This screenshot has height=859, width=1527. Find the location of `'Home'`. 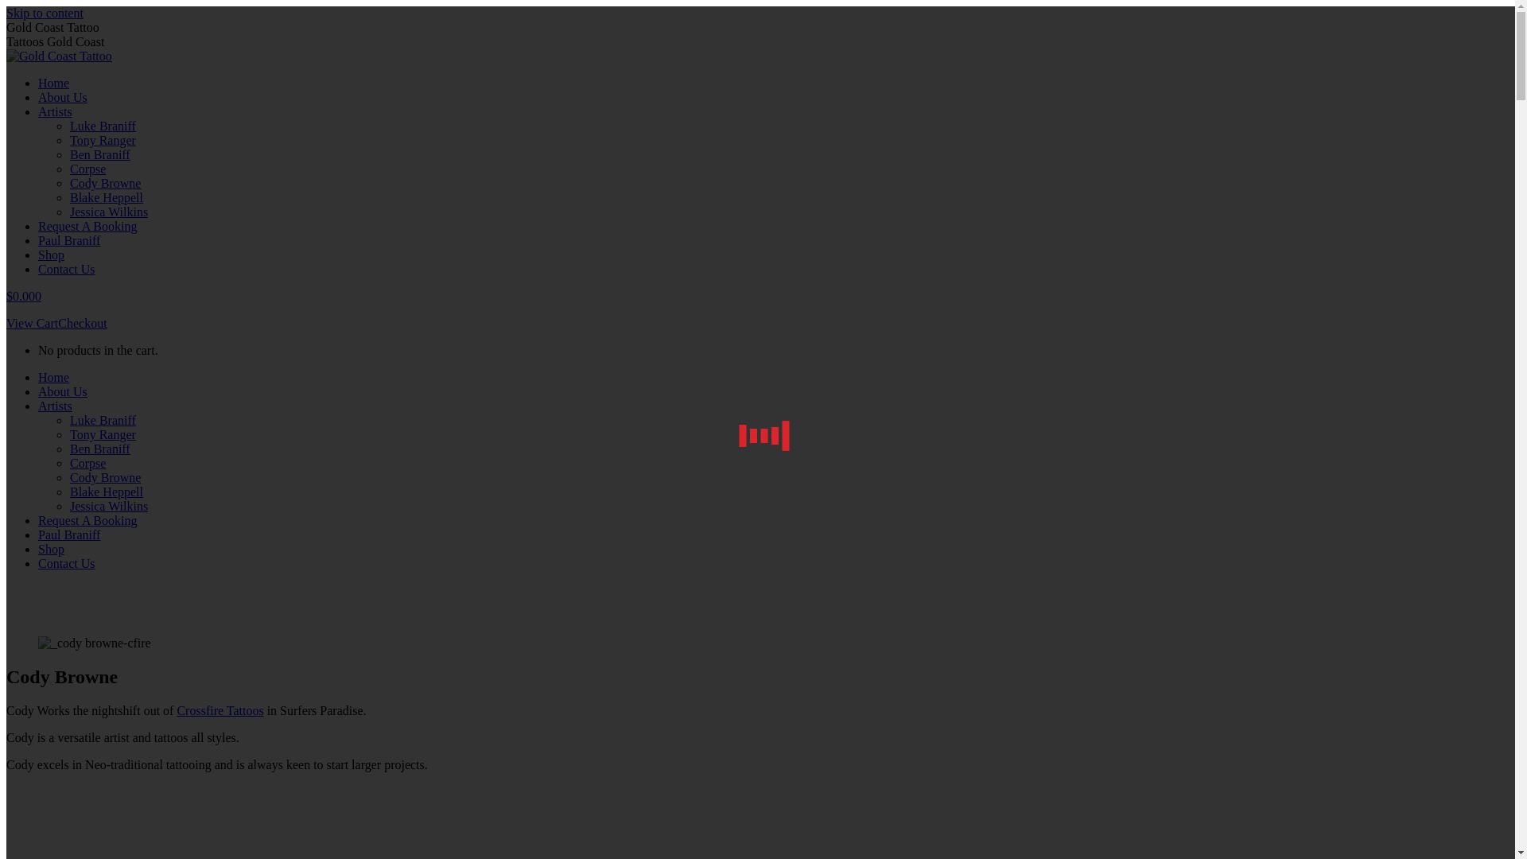

'Home' is located at coordinates (53, 83).